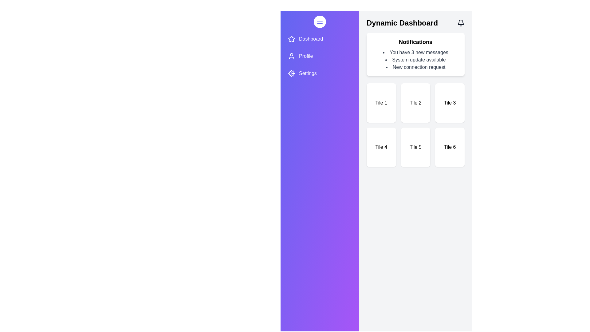  What do you see at coordinates (320, 21) in the screenshot?
I see `the menu button to toggle the sidebar visibility` at bounding box center [320, 21].